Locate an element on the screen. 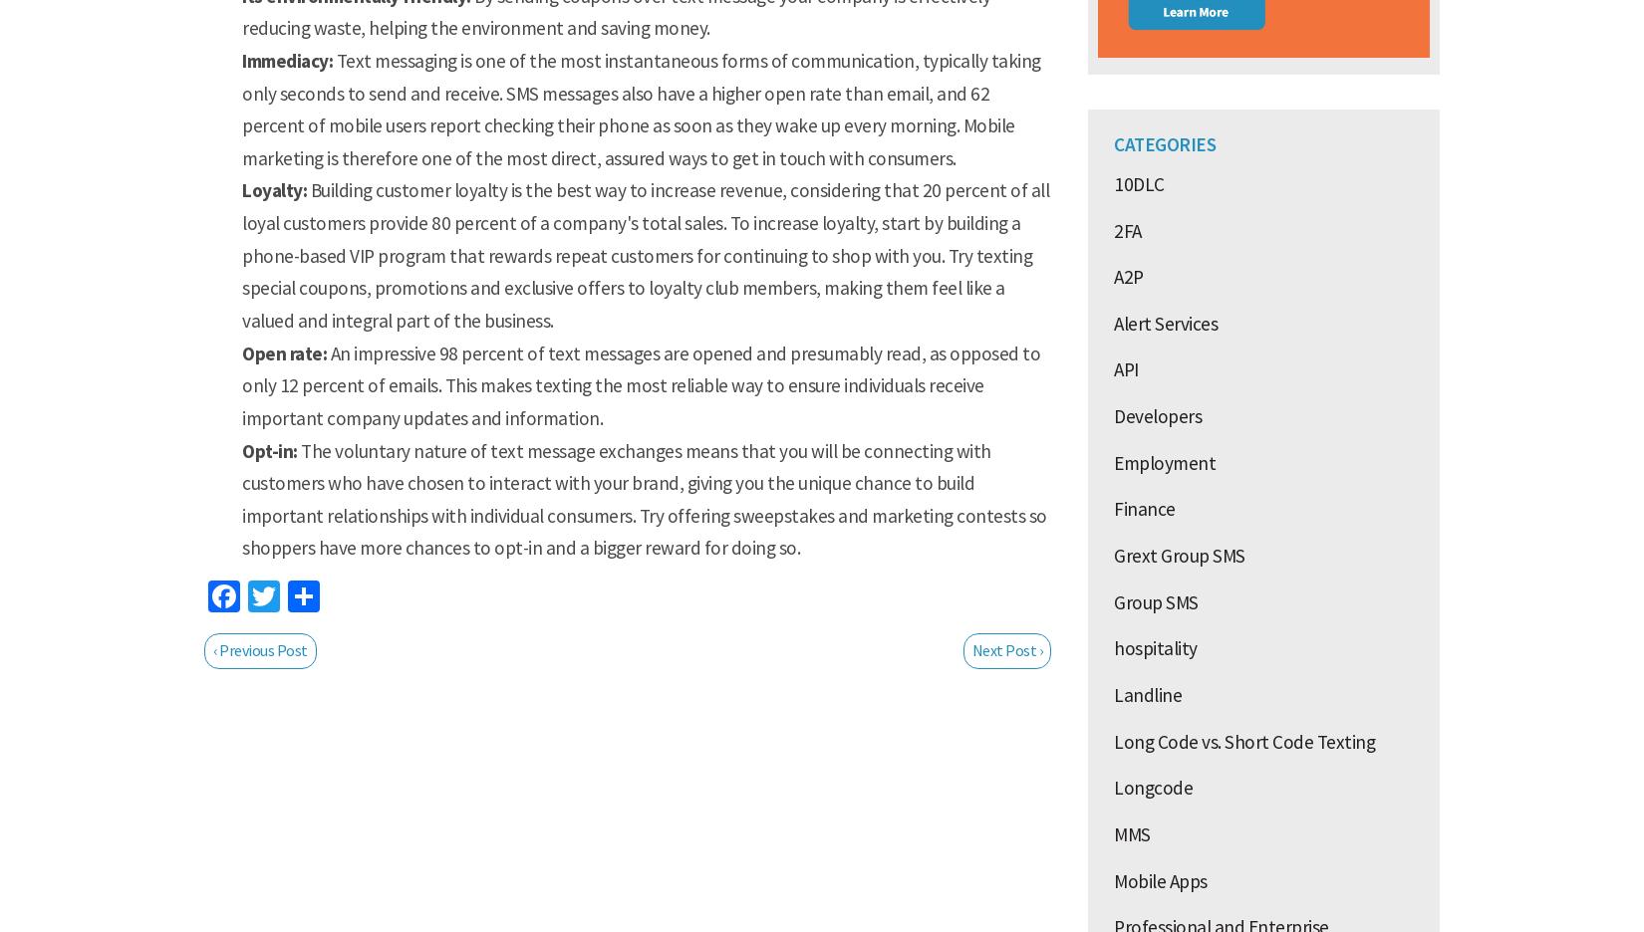  'Share' is located at coordinates (358, 596).